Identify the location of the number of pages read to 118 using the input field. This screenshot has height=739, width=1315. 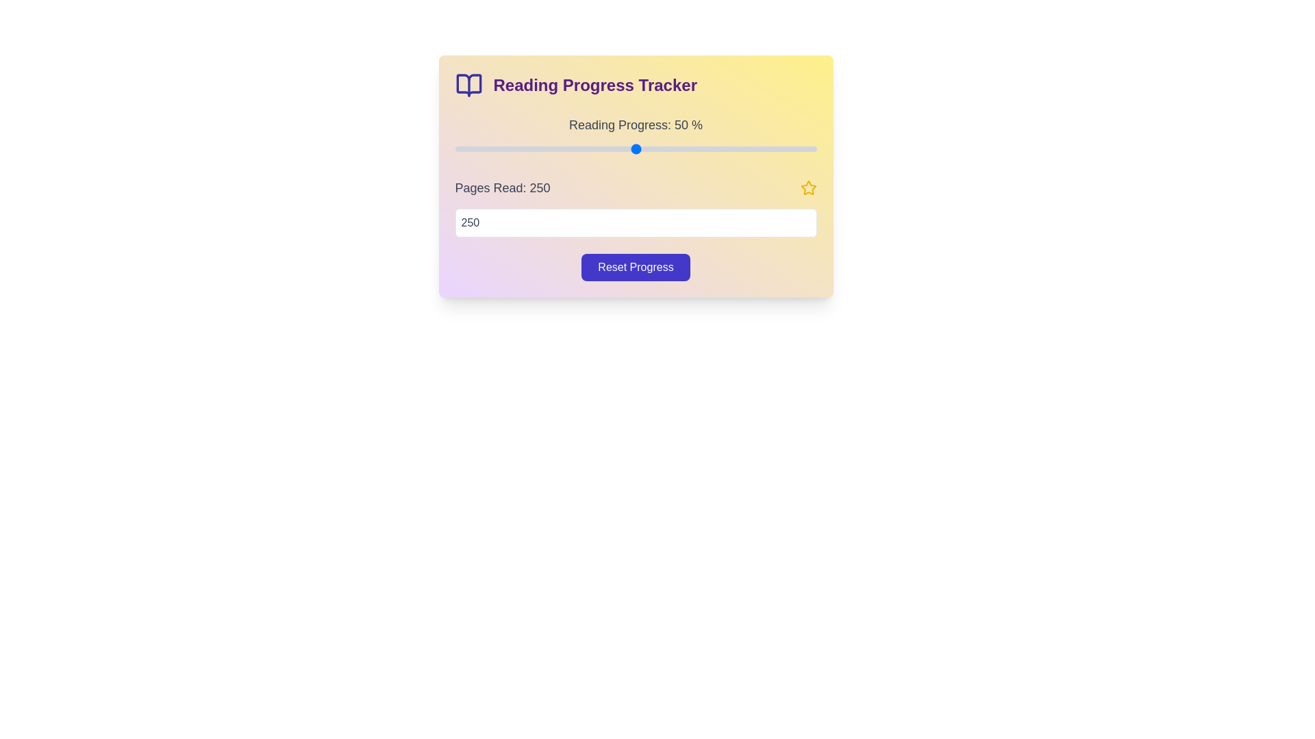
(635, 222).